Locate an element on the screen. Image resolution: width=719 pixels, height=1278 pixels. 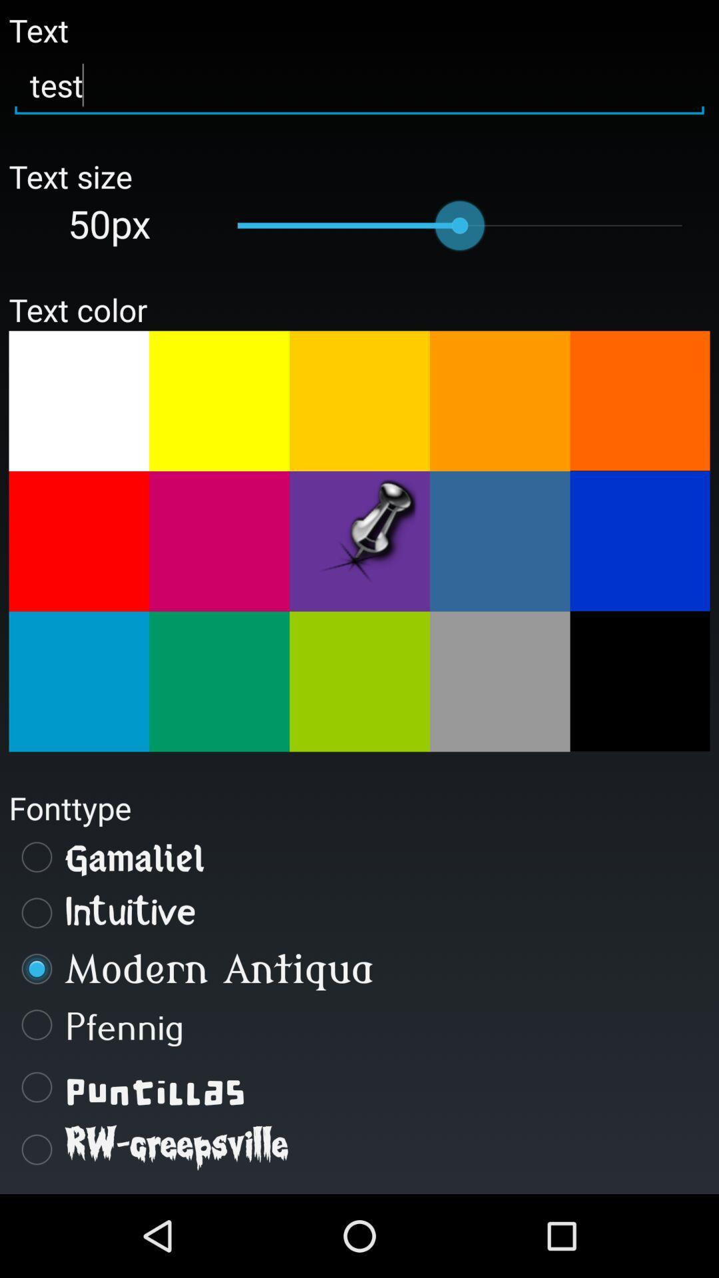
text color option is located at coordinates (639, 400).